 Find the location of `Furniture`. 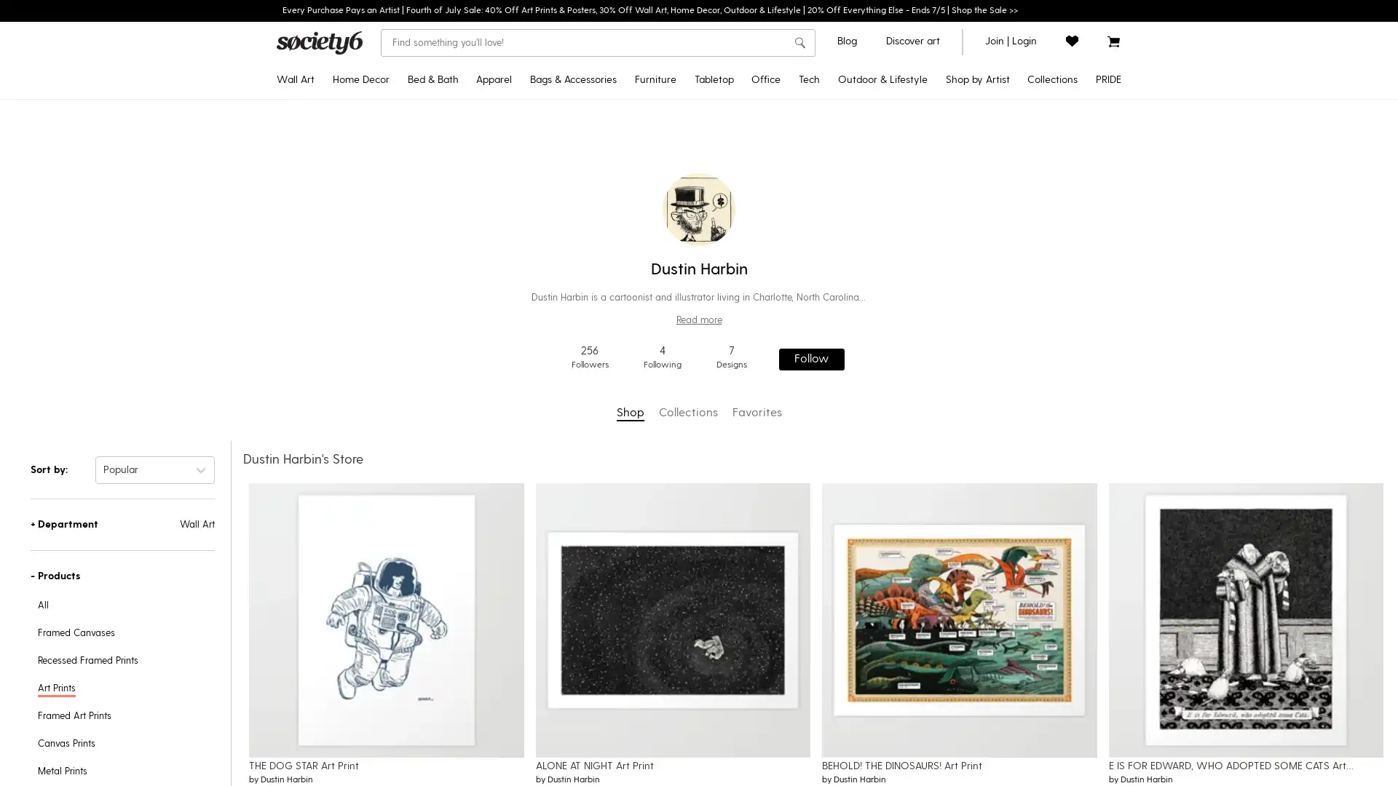

Furniture is located at coordinates (654, 80).